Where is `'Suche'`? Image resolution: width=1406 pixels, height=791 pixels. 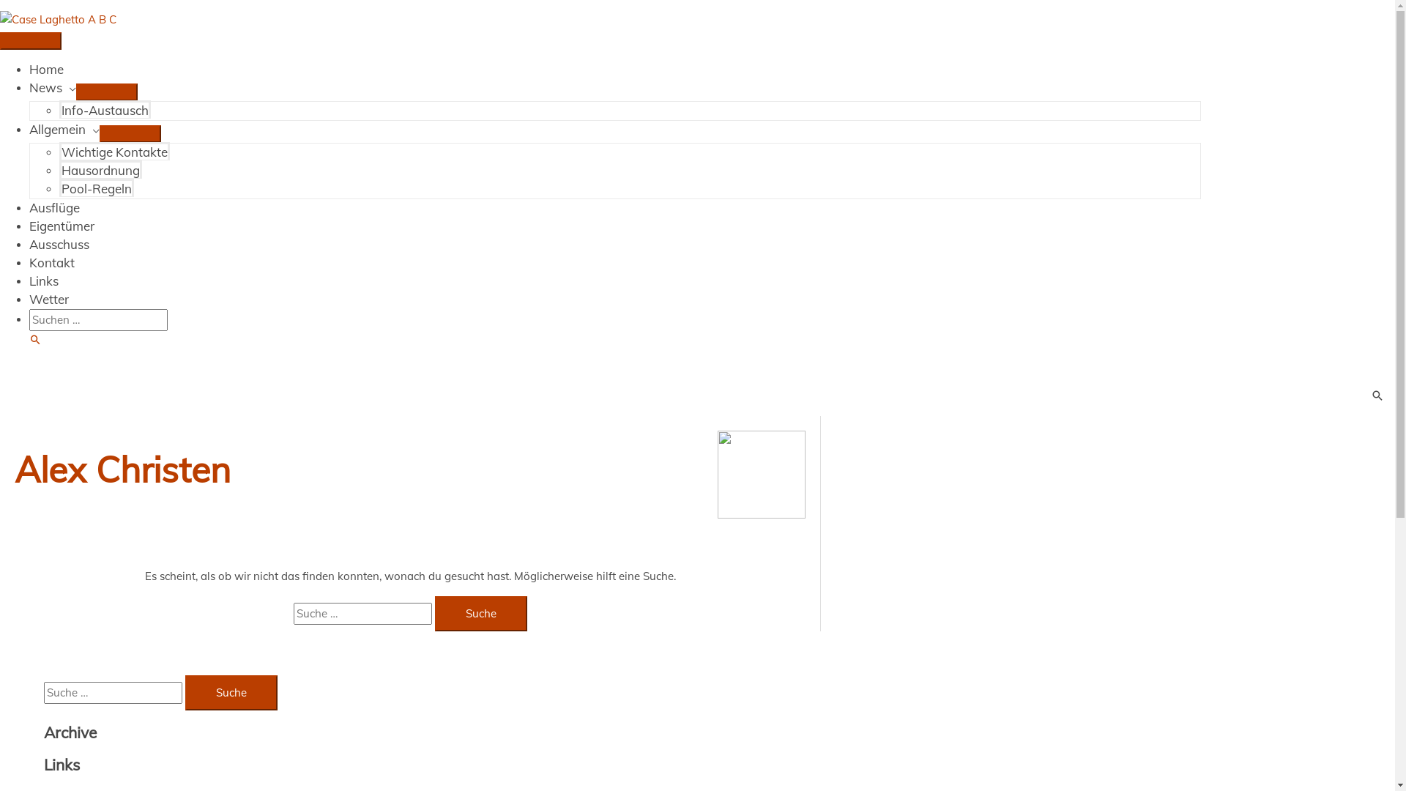 'Suche' is located at coordinates (481, 613).